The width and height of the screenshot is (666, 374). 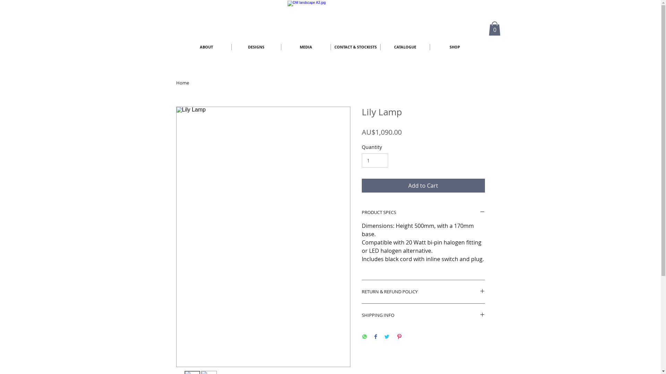 What do you see at coordinates (494, 28) in the screenshot?
I see `'0'` at bounding box center [494, 28].